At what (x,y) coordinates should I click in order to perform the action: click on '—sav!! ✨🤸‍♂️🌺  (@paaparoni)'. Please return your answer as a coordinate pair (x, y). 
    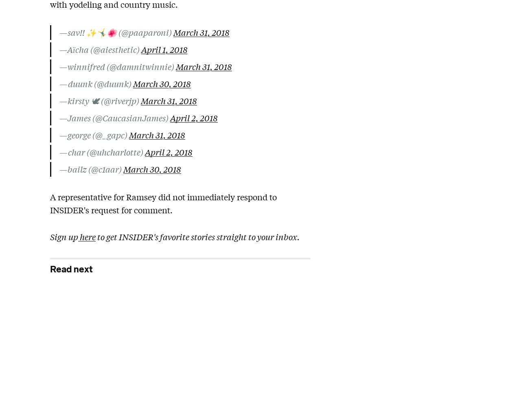
    Looking at the image, I should click on (116, 32).